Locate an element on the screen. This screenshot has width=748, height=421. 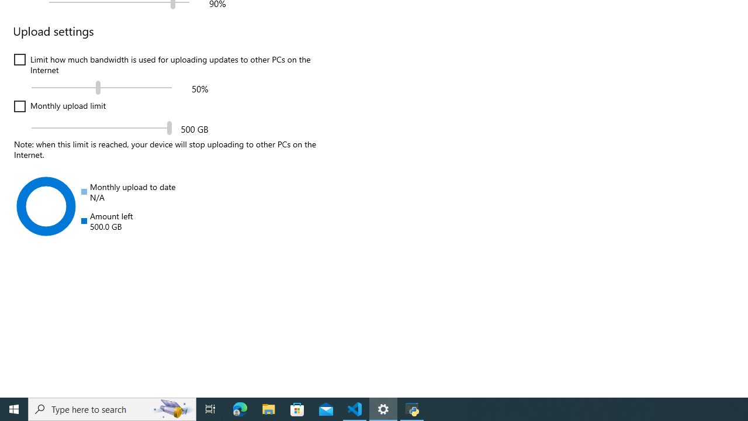
'Task View' is located at coordinates (210, 408).